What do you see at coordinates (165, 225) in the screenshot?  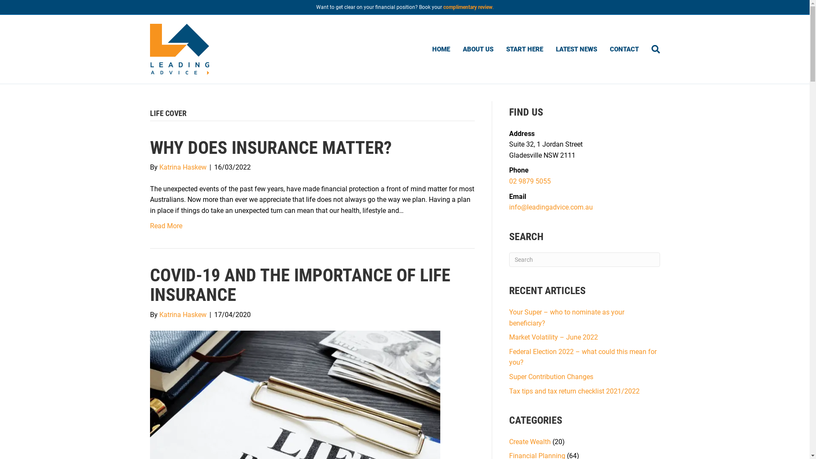 I see `'Read More'` at bounding box center [165, 225].